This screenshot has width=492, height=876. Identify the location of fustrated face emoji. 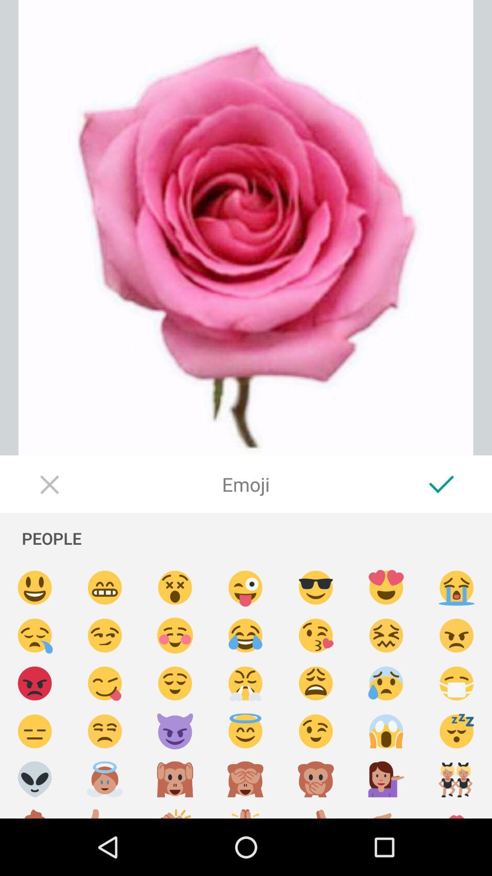
(386, 635).